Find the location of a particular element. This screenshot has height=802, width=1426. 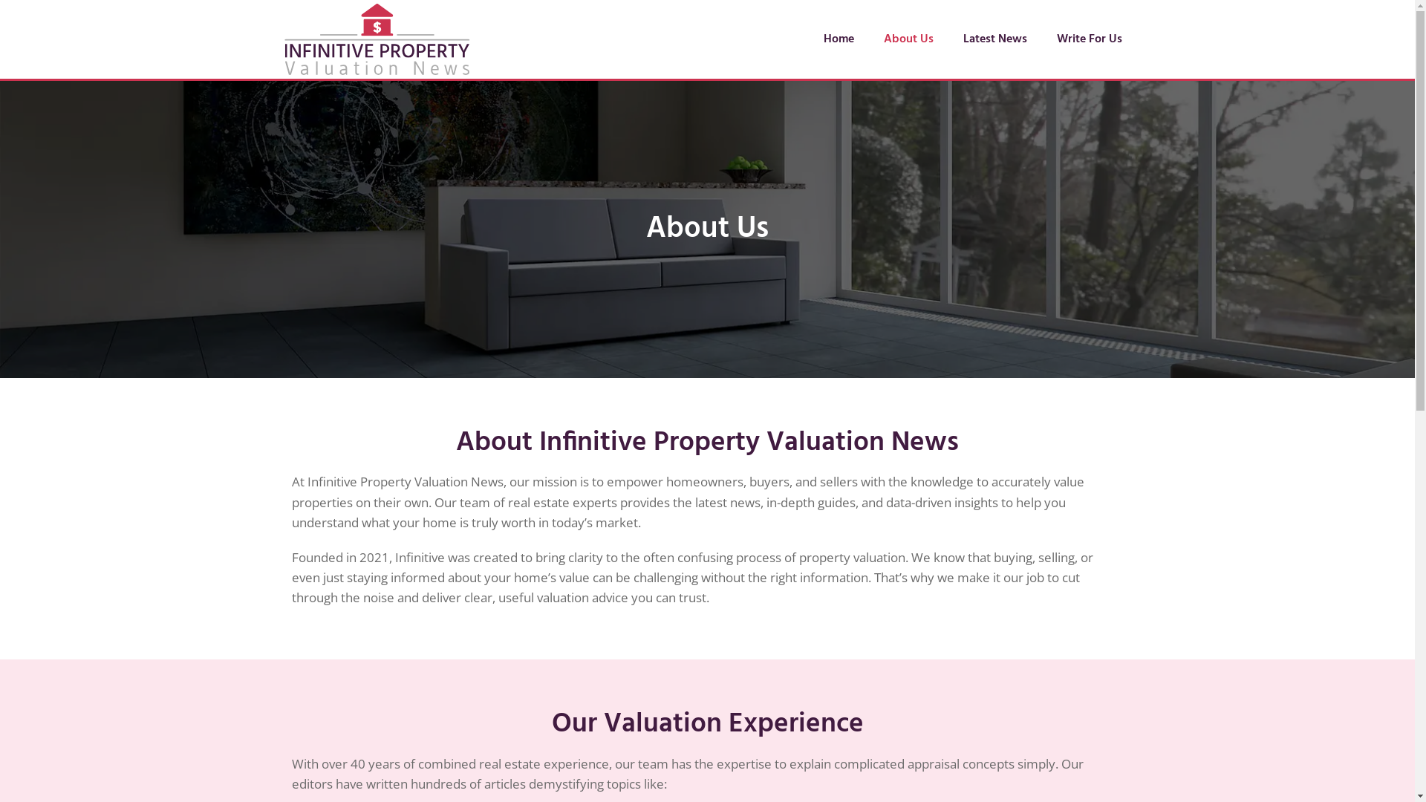

'Home' is located at coordinates (839, 39).